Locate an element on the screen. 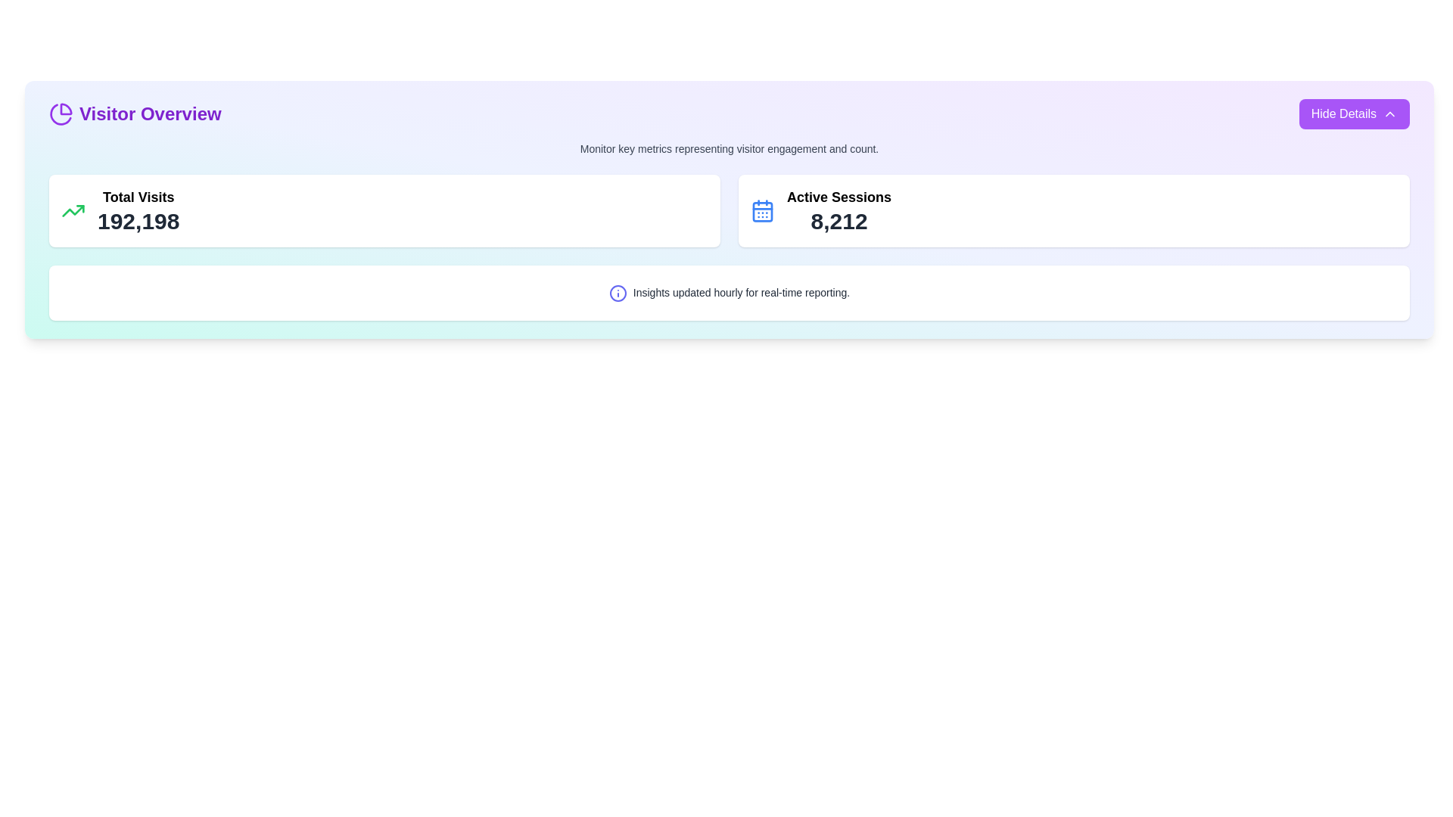 This screenshot has height=817, width=1453. the upward trending green arrow icon located to the left of the text 'Total Visits 192,198' in the 'Visitor Overview' section is located at coordinates (72, 210).